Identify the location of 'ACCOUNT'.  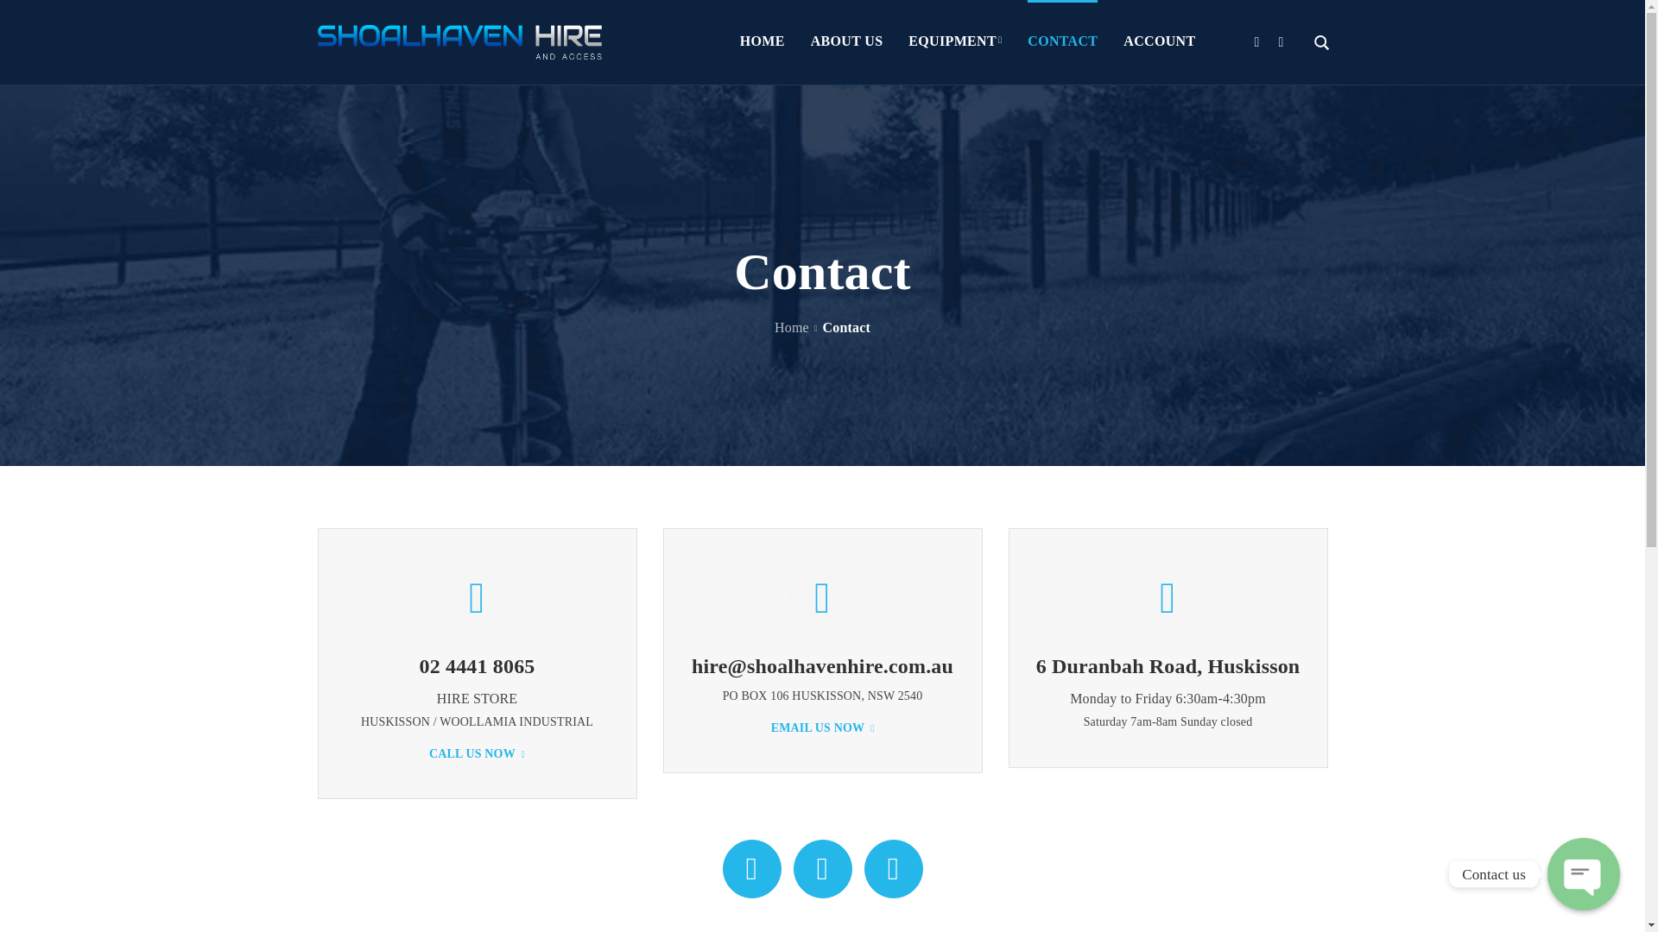
(1159, 41).